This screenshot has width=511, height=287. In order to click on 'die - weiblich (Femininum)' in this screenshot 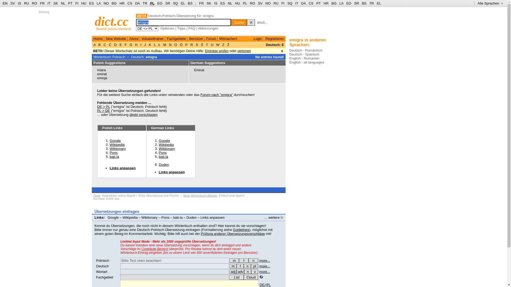, I will do `click(236, 266)`.